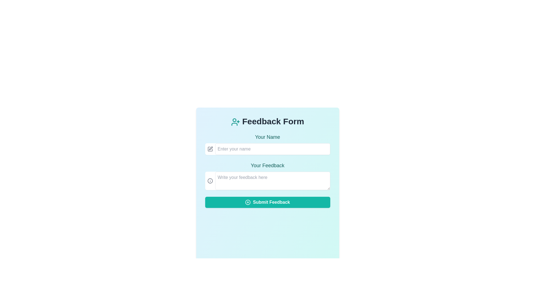  What do you see at coordinates (210, 149) in the screenshot?
I see `the gray pen icon used for editing, located to the left of the 'Enter your name' input field in the feedback form` at bounding box center [210, 149].